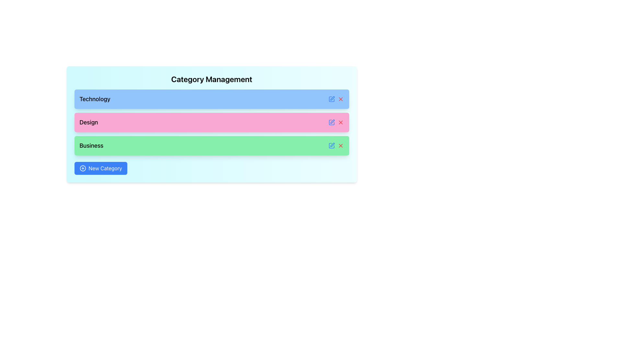 This screenshot has height=349, width=622. What do you see at coordinates (336, 146) in the screenshot?
I see `the icons within the Horizontal Icon Group located on the far right of the green-highlighted 'Business' row in the 'Category Management' section` at bounding box center [336, 146].